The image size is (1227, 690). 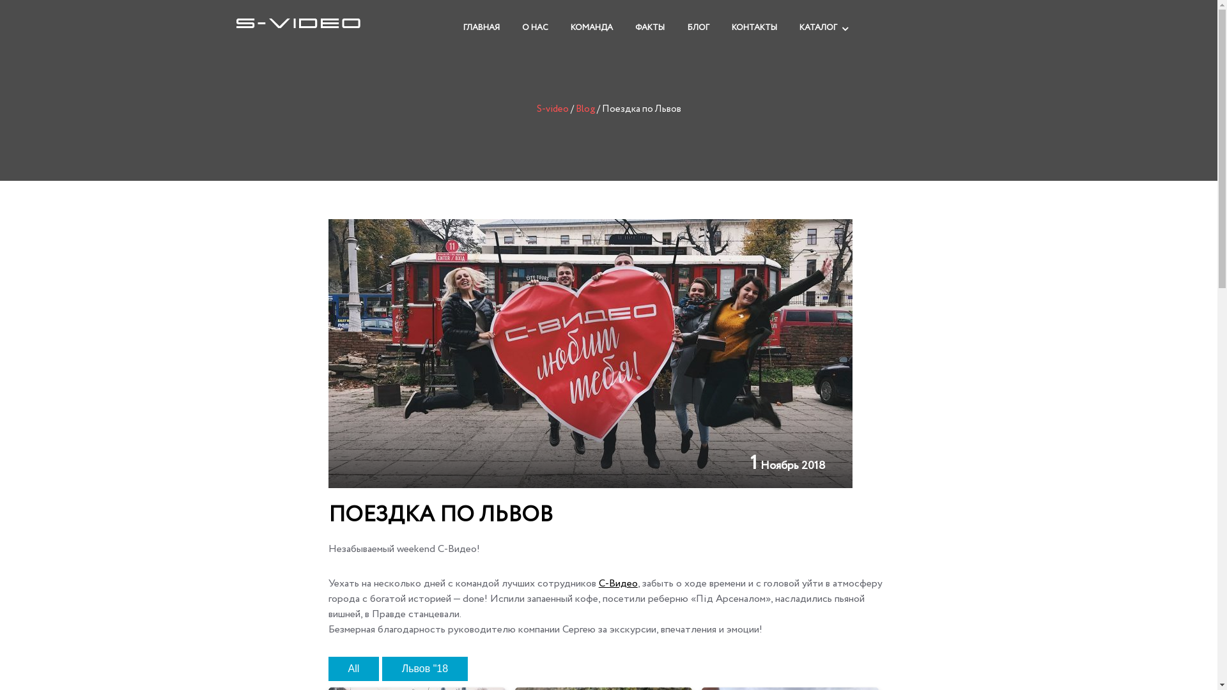 What do you see at coordinates (575, 108) in the screenshot?
I see `'Blog'` at bounding box center [575, 108].